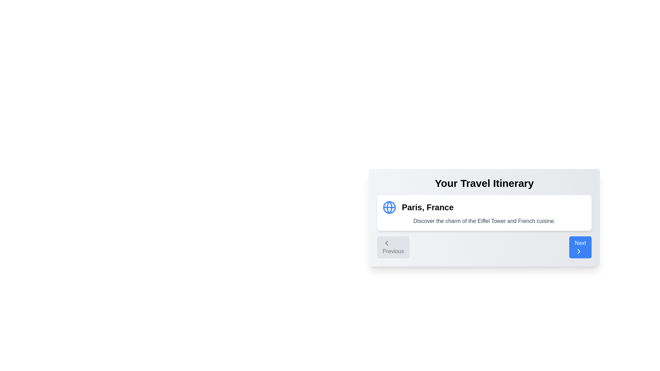 The height and width of the screenshot is (371, 660). I want to click on the chevron icon indicating forward navigation within the 'Next' button, located at the bottom-right corner of the main content area, so click(579, 251).